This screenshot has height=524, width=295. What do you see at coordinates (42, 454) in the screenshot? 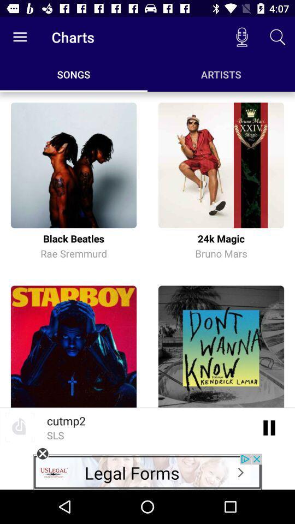
I see `advertisement` at bounding box center [42, 454].